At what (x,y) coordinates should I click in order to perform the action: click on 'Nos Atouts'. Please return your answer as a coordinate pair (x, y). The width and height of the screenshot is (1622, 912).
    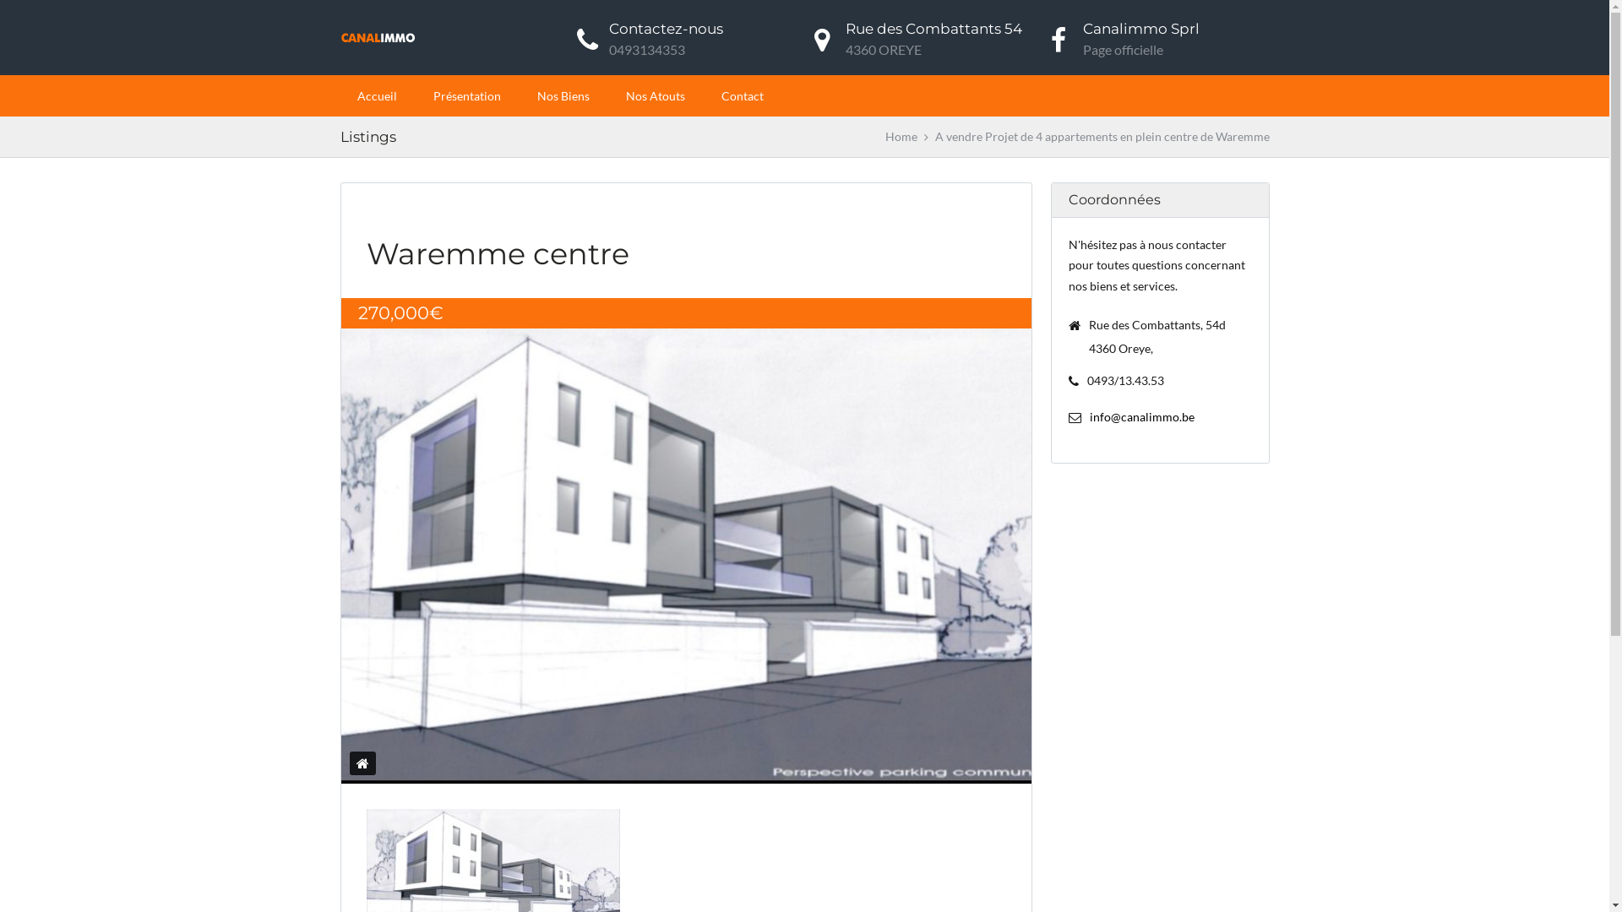
    Looking at the image, I should click on (653, 95).